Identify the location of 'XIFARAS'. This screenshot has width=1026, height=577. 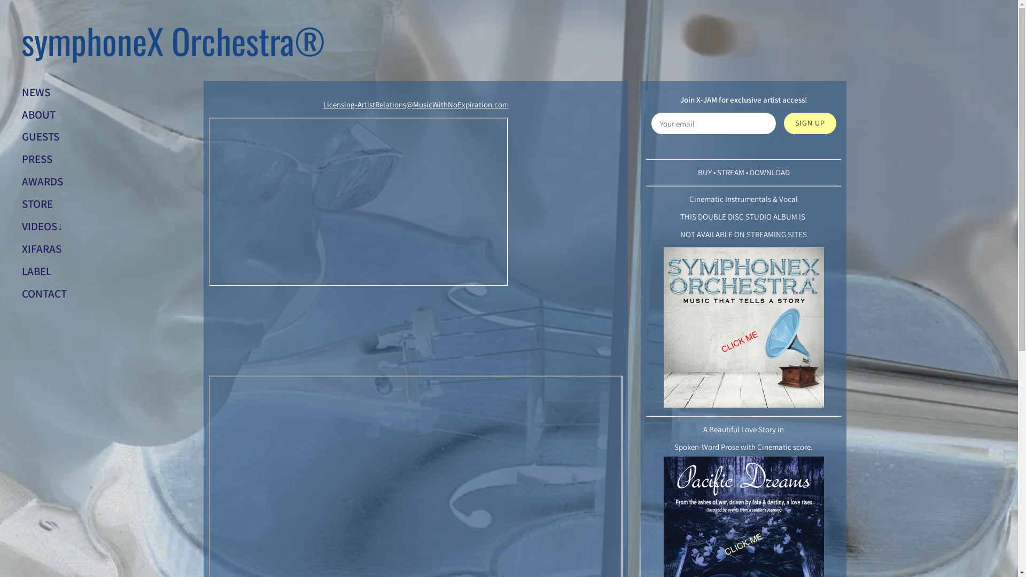
(41, 248).